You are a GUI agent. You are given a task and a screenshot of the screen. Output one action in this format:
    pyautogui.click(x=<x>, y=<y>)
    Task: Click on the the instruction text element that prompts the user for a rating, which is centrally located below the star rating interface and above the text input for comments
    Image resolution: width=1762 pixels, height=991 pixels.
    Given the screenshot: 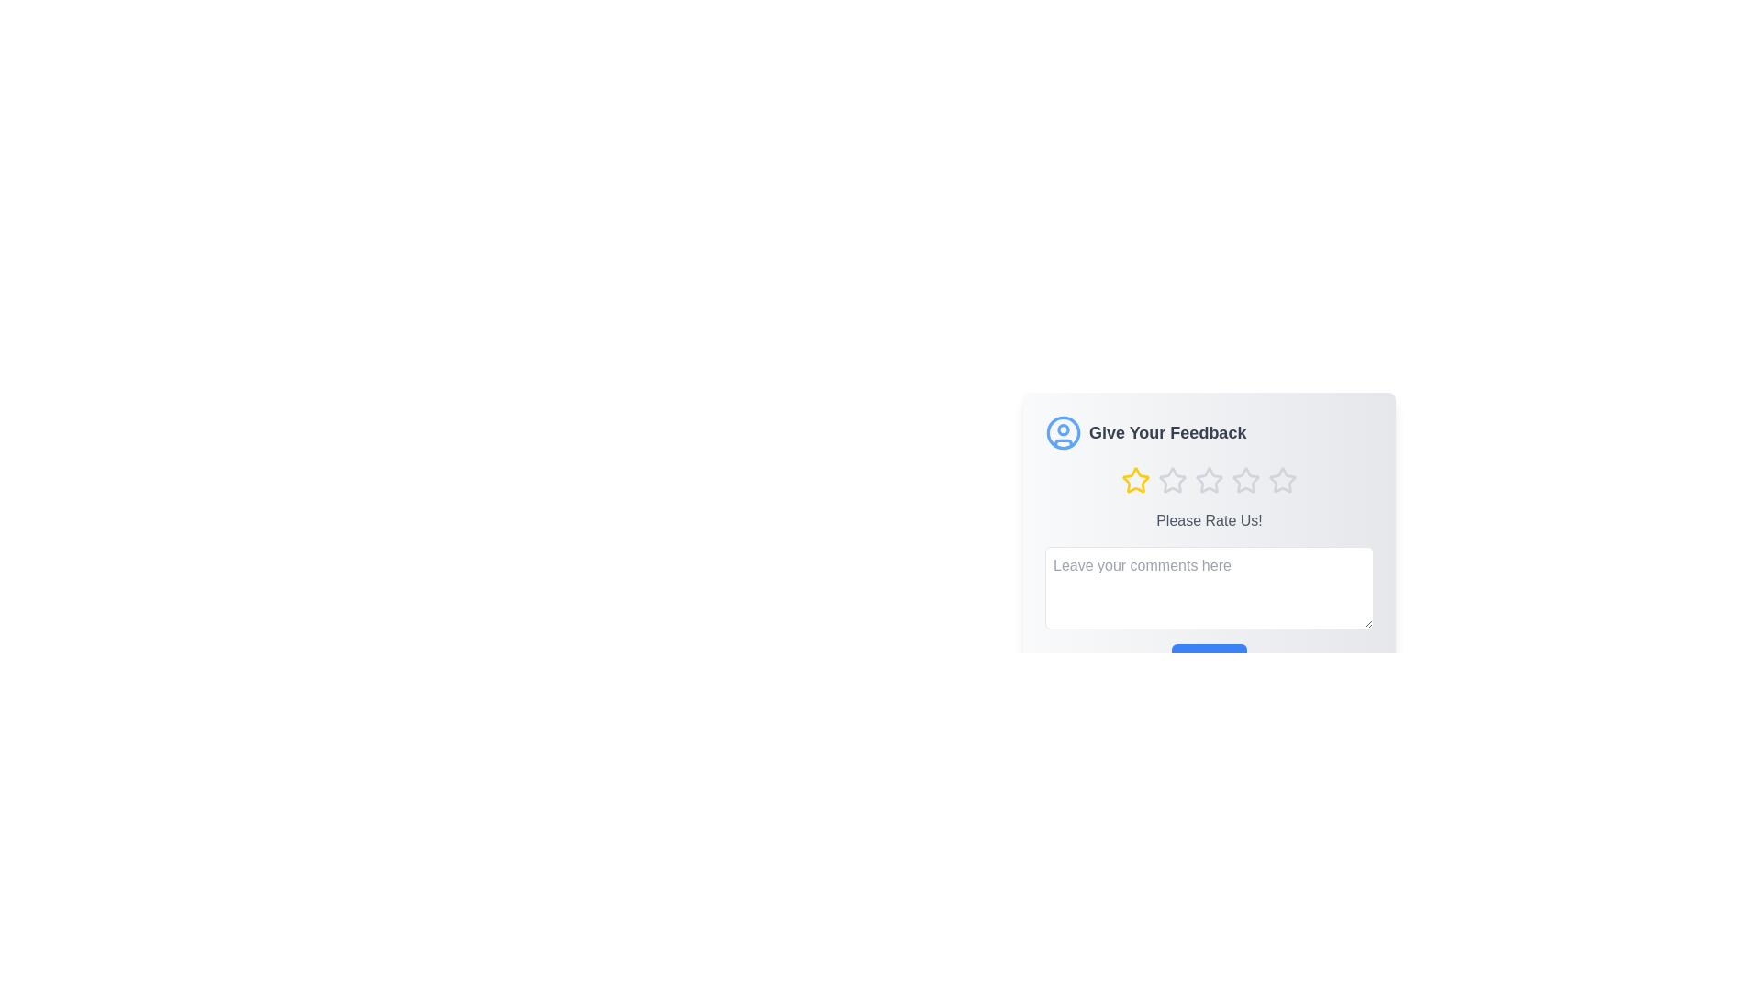 What is the action you would take?
    pyautogui.click(x=1210, y=520)
    